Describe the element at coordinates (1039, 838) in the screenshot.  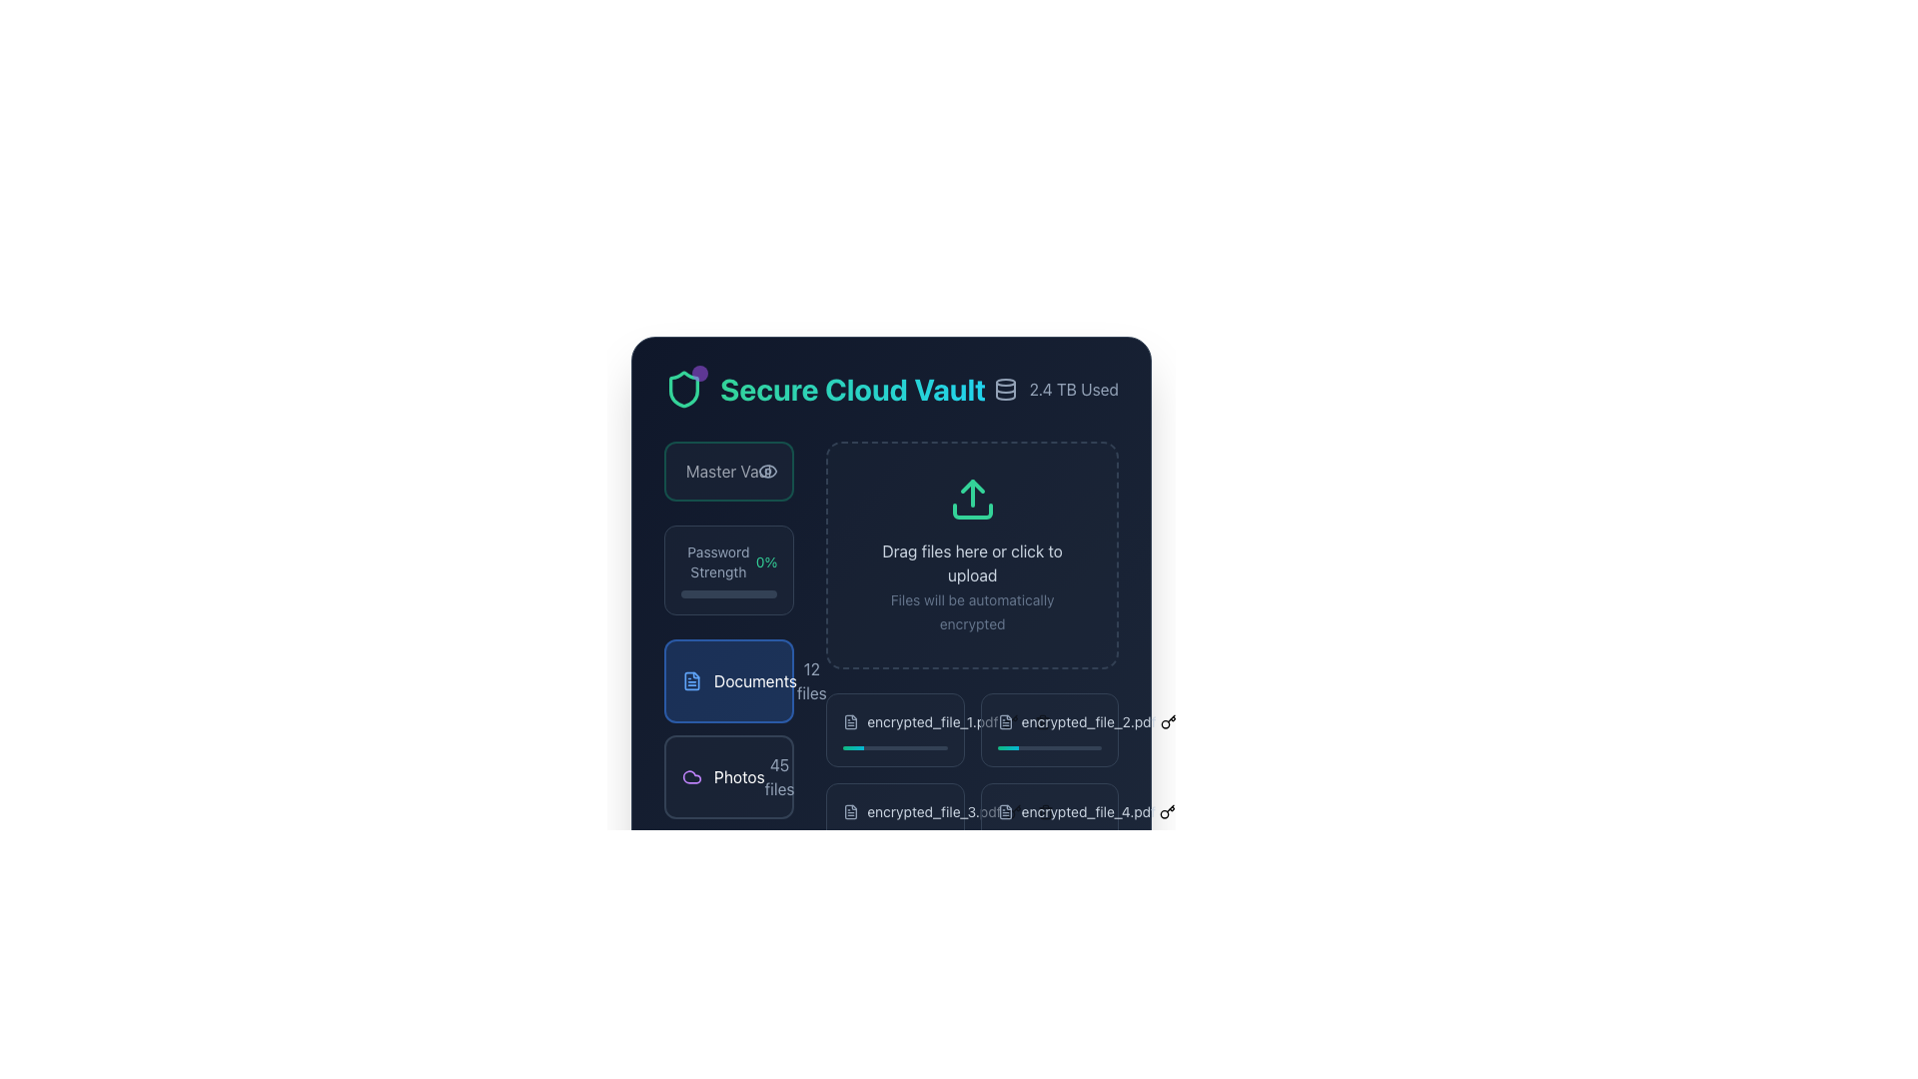
I see `the progress bar located near the bottom center of the interface, which has a gradient color transitioning from emerald green to cyan` at that location.